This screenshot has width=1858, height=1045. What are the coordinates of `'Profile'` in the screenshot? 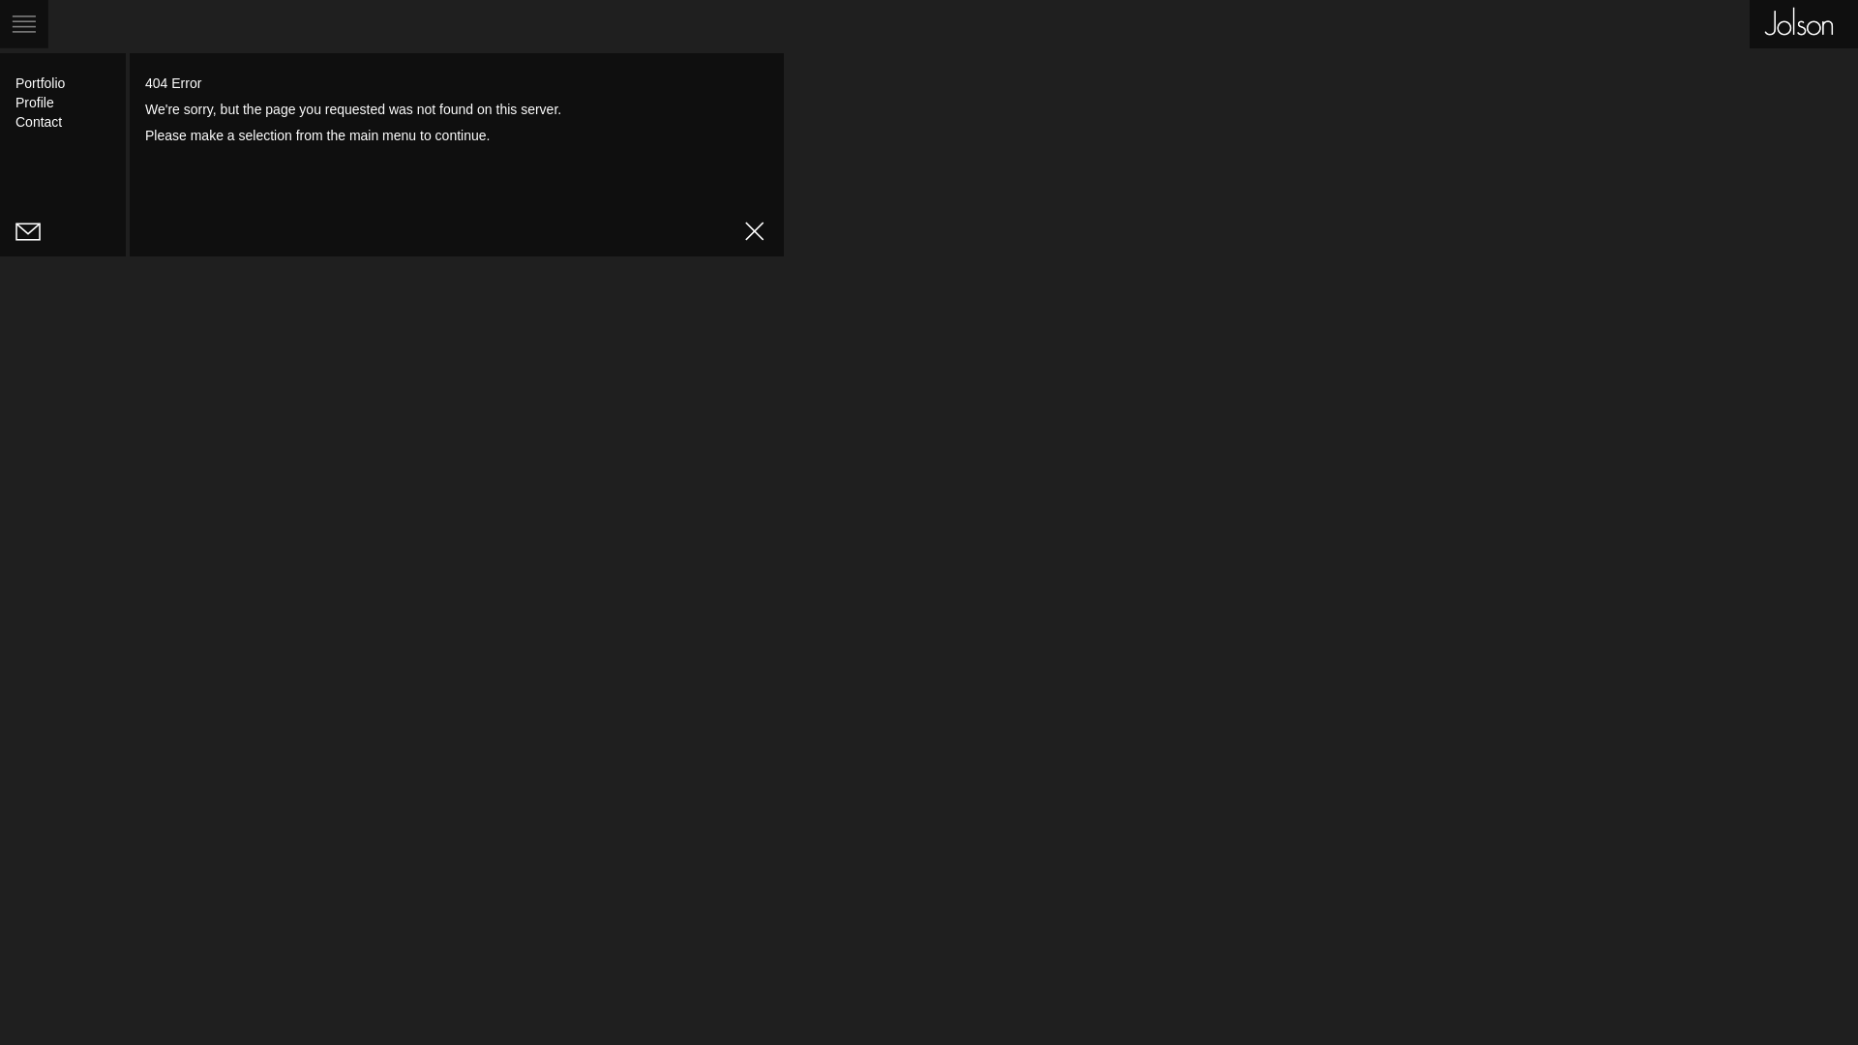 It's located at (34, 102).